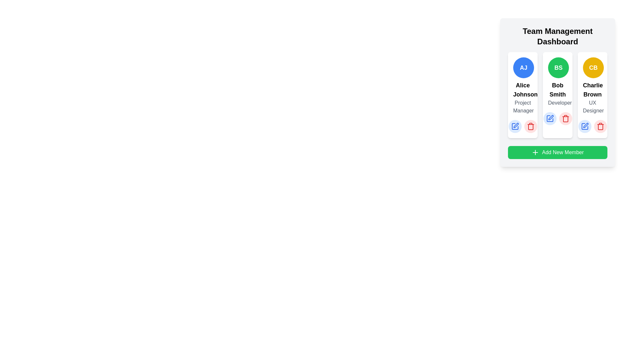  What do you see at coordinates (565, 118) in the screenshot?
I see `the trash can icon/button located at the bottom right of the middle profile card` at bounding box center [565, 118].